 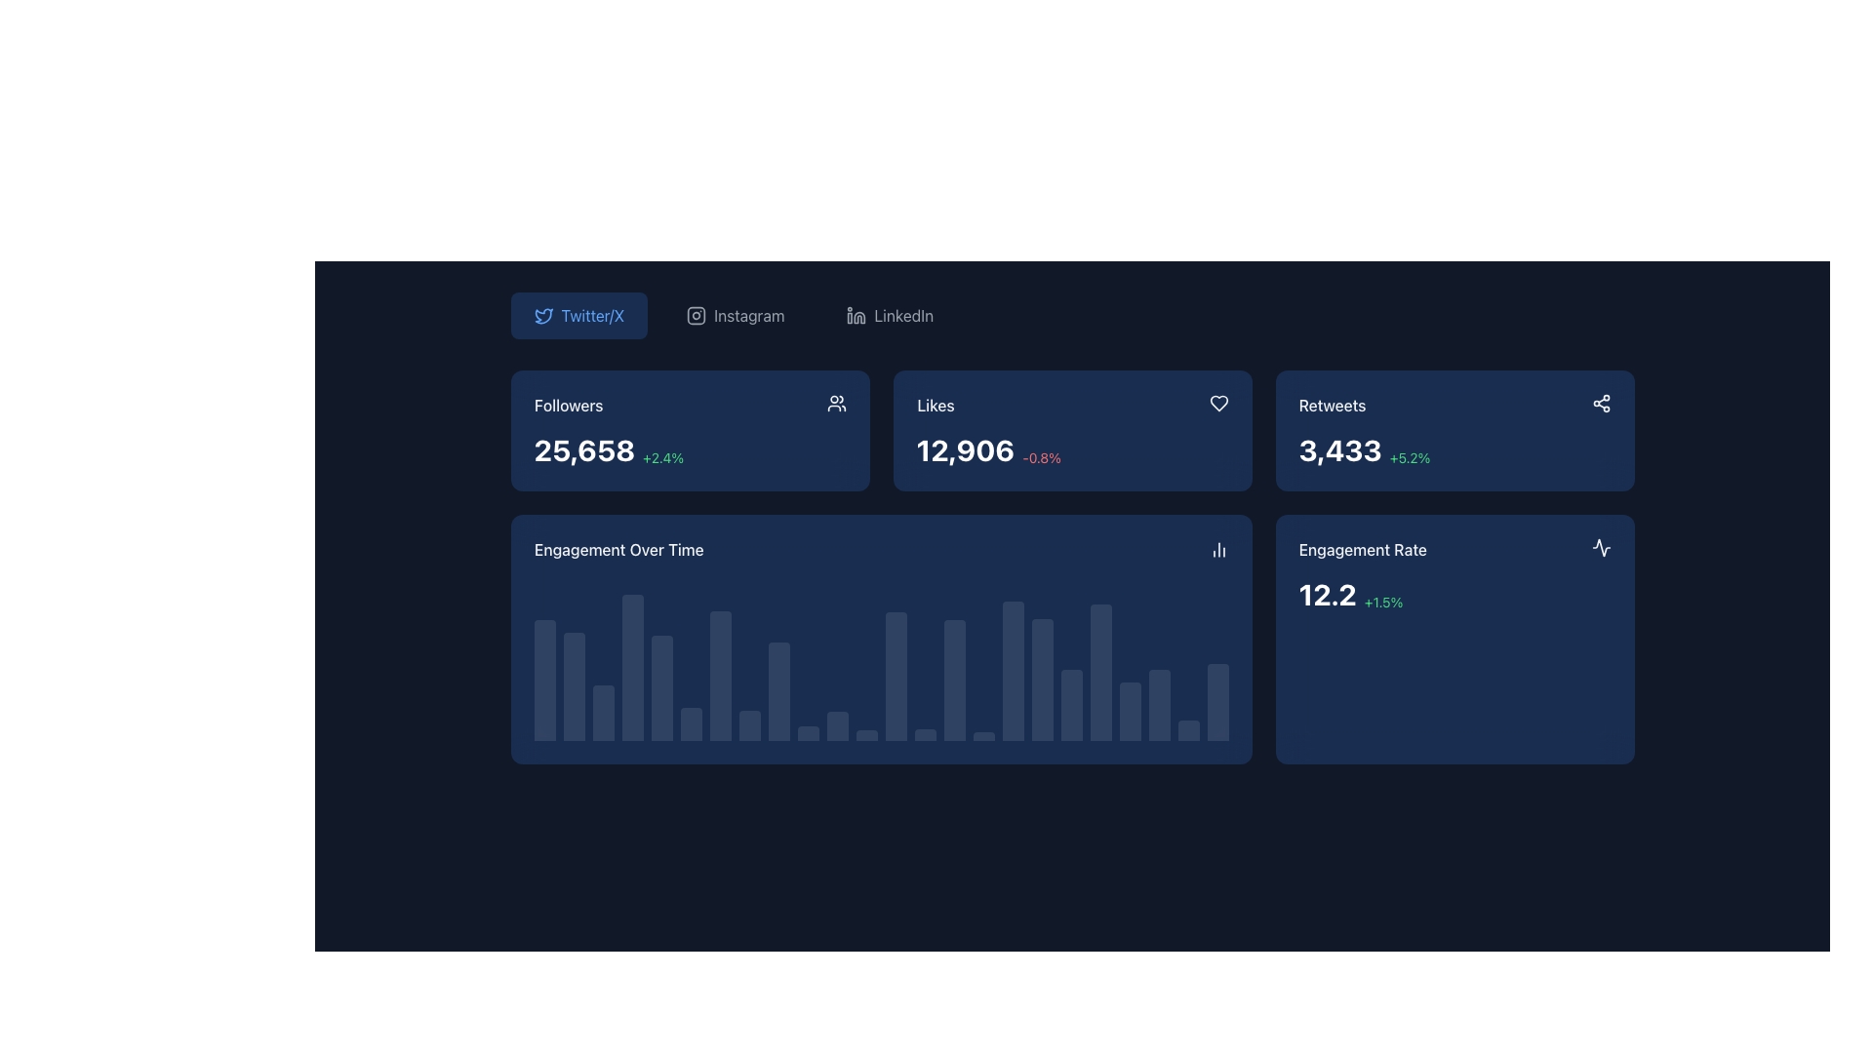 What do you see at coordinates (1601, 548) in the screenshot?
I see `the icon located in the bottom-right corner of the card interface, which is part of an icon group` at bounding box center [1601, 548].